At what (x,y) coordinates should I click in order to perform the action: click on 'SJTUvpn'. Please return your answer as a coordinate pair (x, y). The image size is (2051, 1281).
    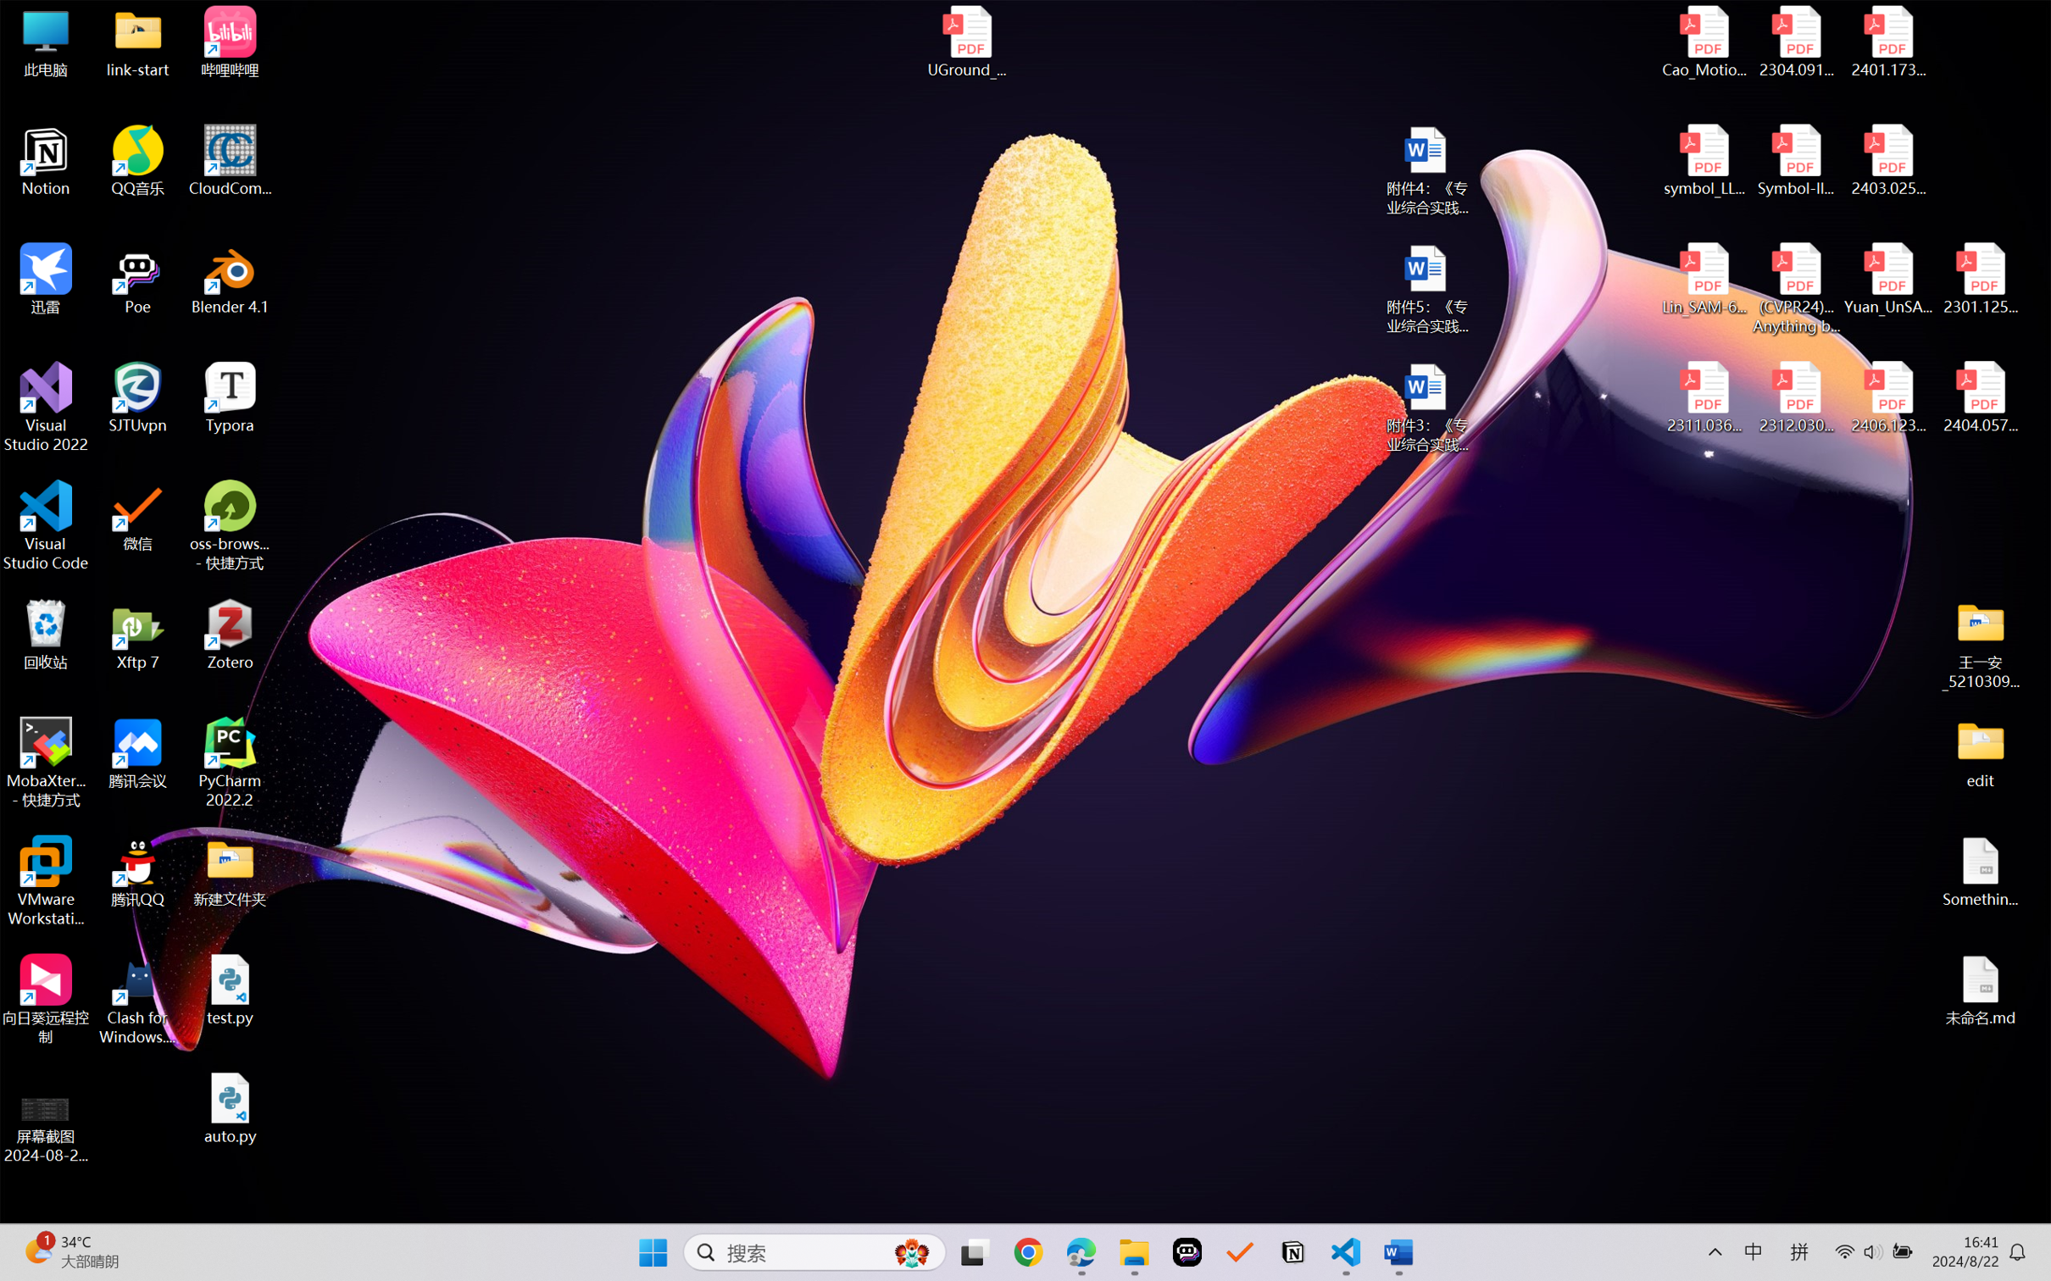
    Looking at the image, I should click on (138, 397).